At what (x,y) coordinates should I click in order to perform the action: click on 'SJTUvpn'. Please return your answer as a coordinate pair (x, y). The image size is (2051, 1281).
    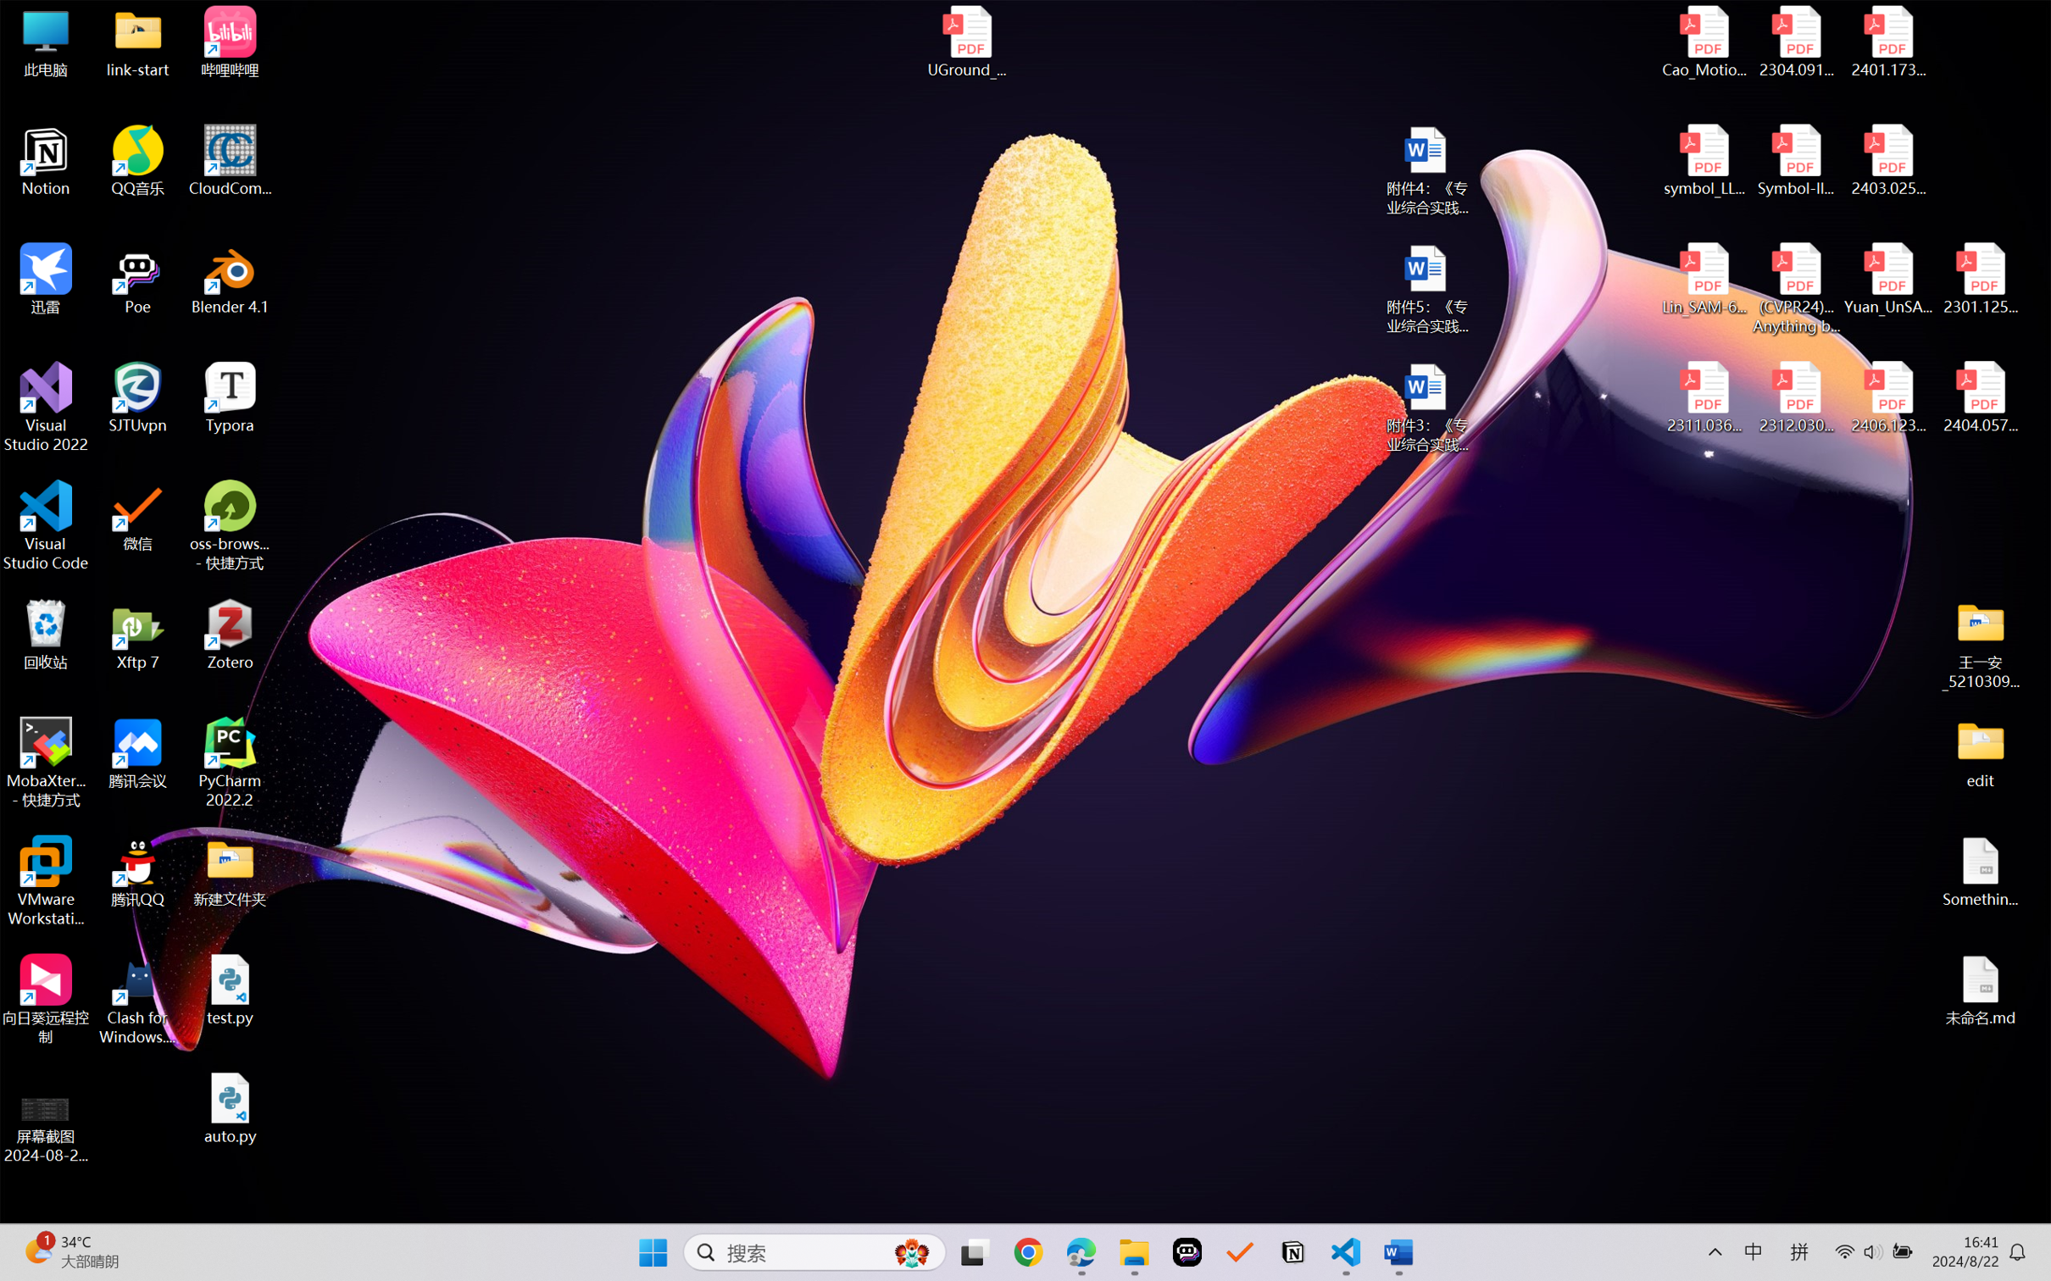
    Looking at the image, I should click on (138, 397).